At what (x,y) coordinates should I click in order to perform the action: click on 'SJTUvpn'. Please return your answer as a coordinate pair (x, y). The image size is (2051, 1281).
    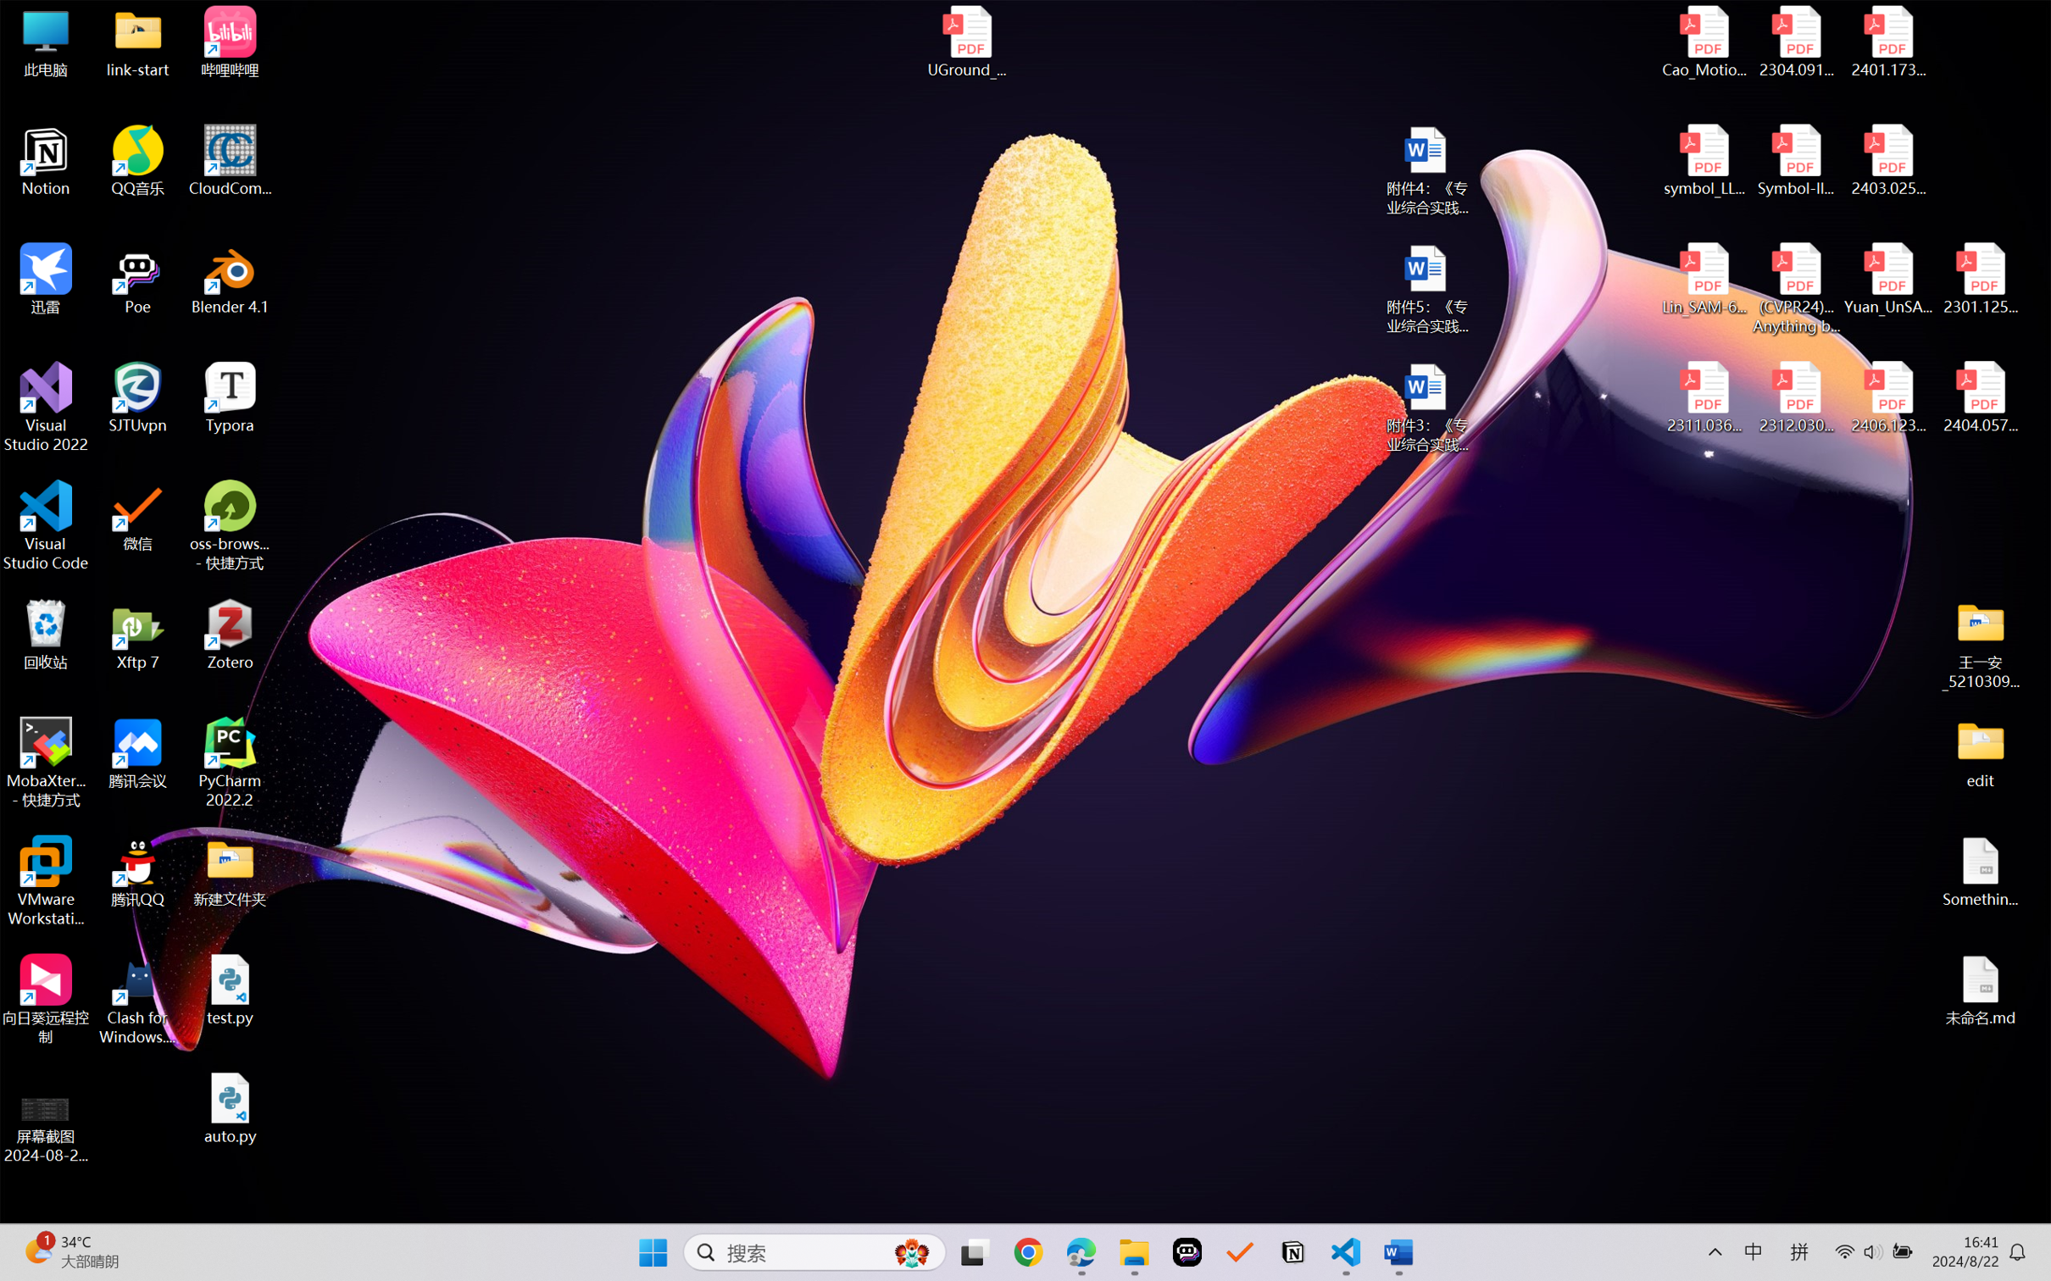
    Looking at the image, I should click on (138, 397).